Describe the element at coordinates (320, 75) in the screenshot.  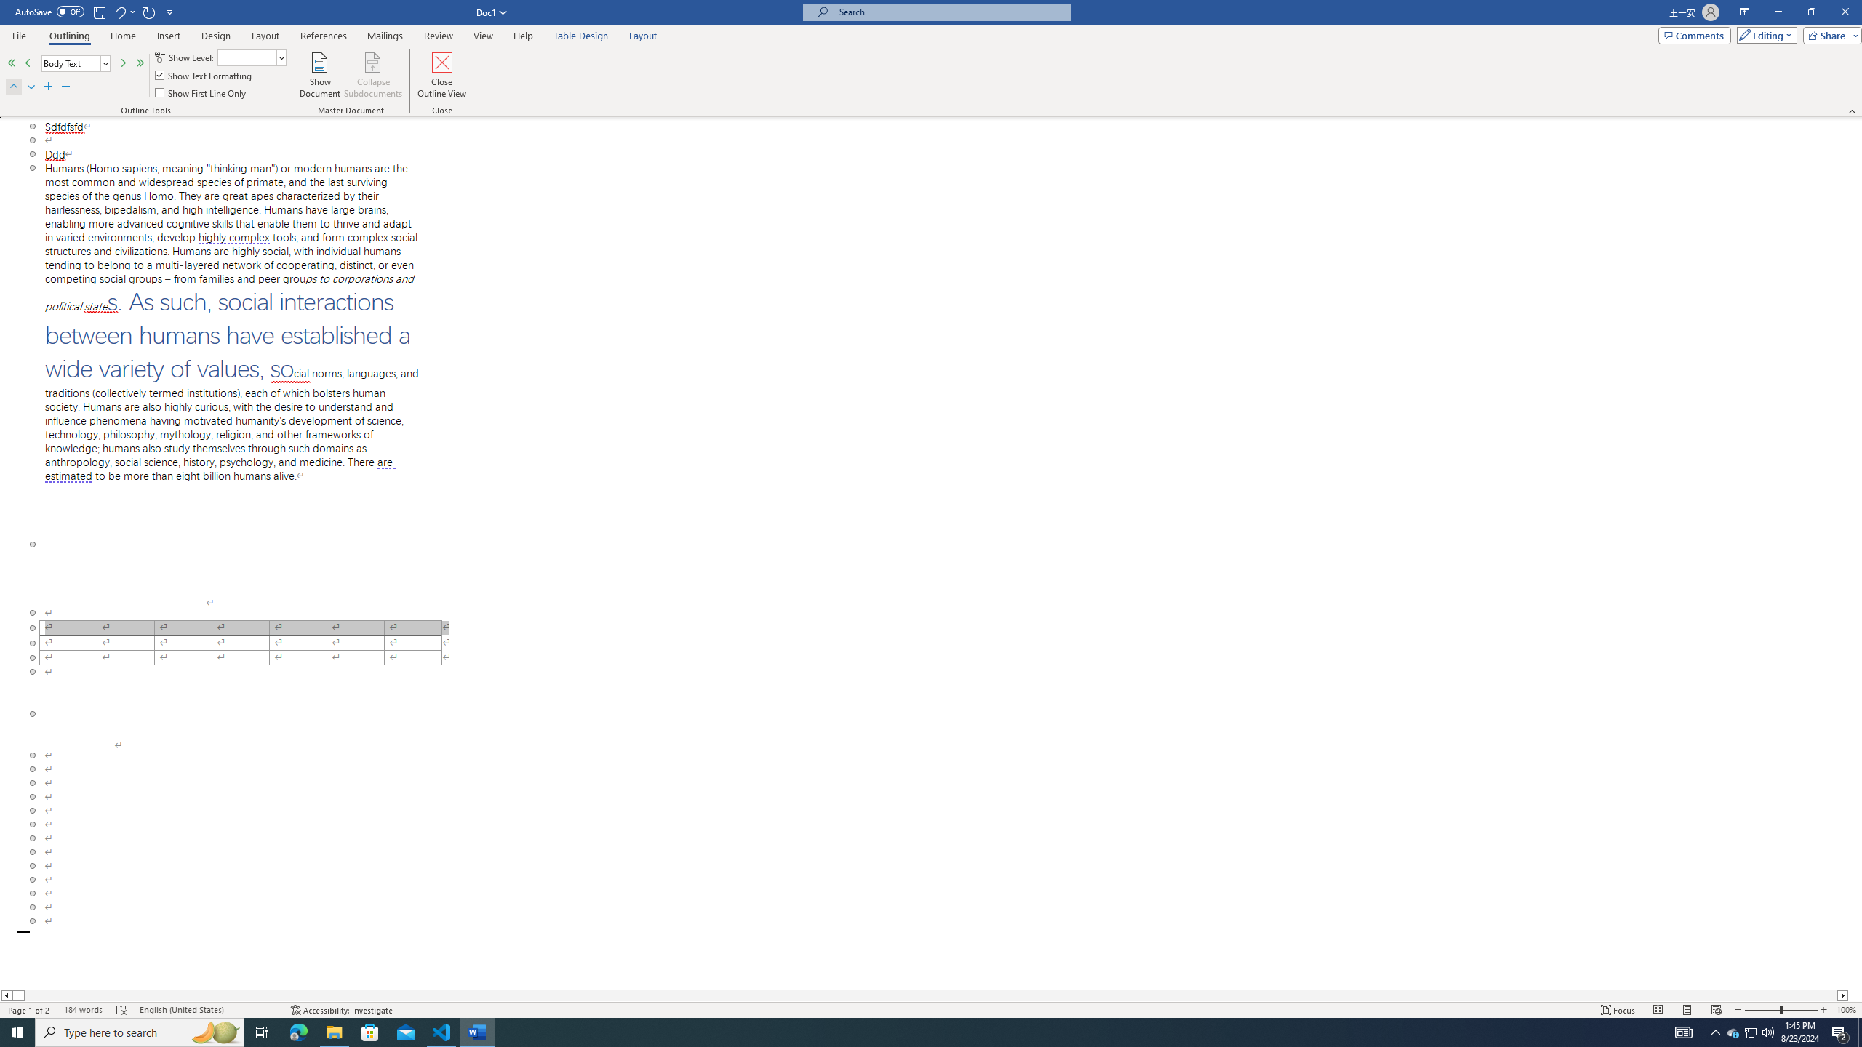
I see `'Show Document'` at that location.